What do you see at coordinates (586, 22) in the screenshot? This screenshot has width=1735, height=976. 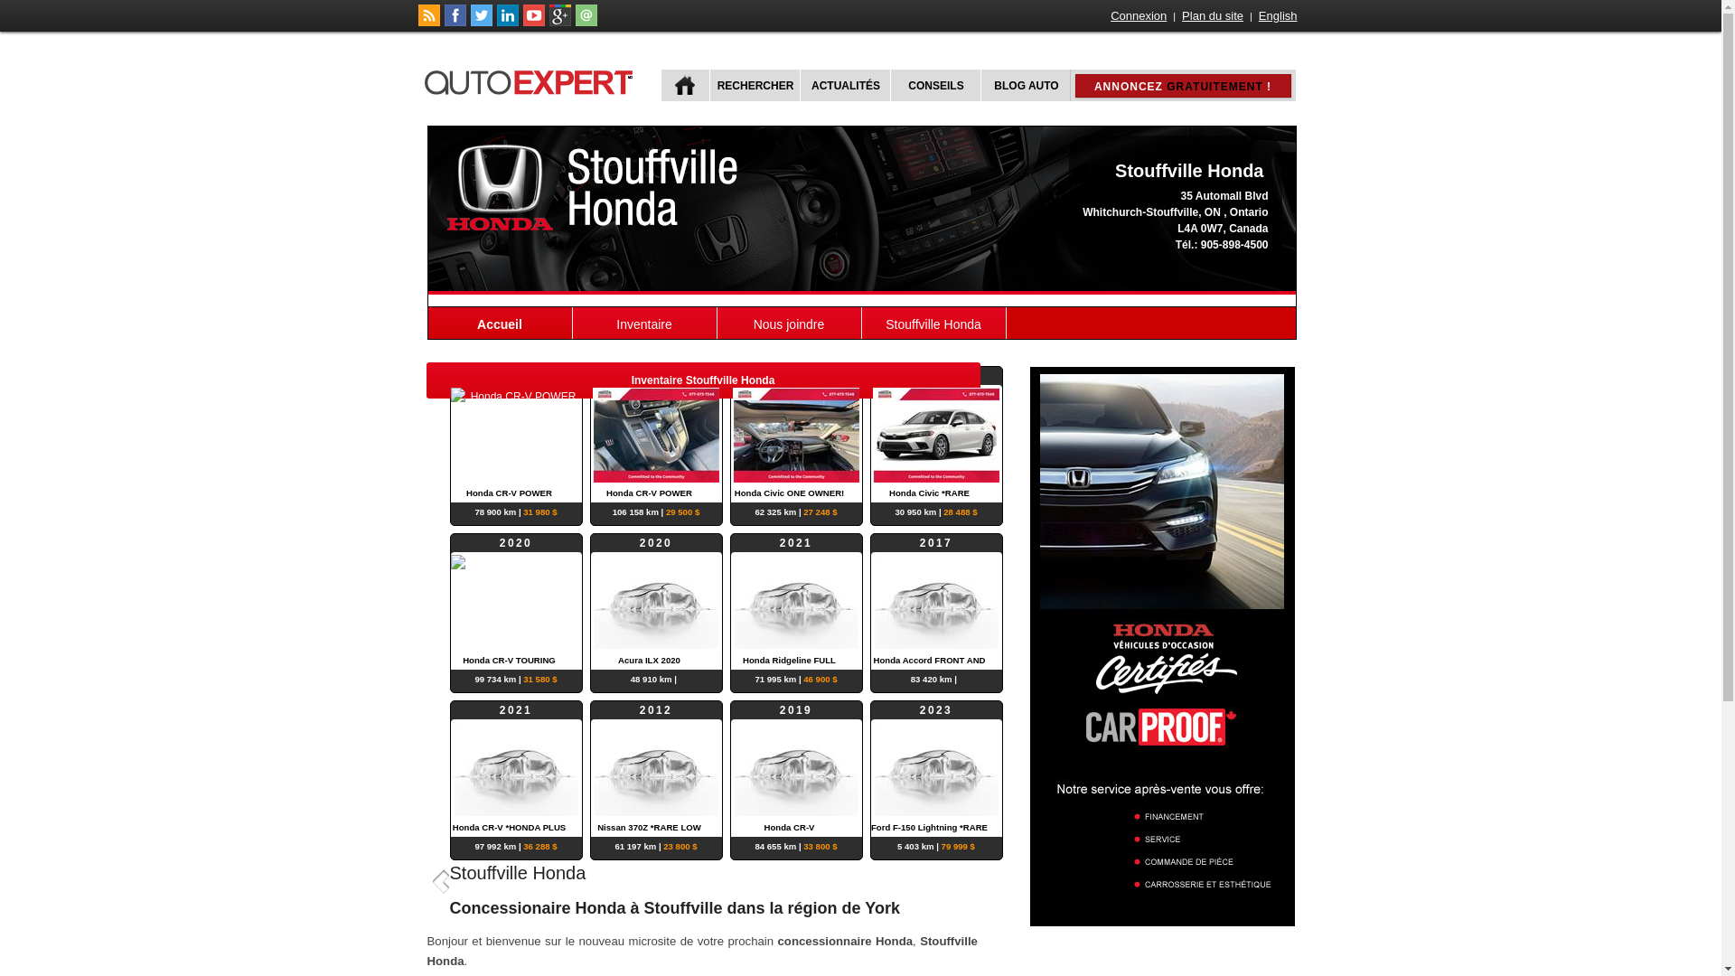 I see `'Joindre autoExpert.ca'` at bounding box center [586, 22].